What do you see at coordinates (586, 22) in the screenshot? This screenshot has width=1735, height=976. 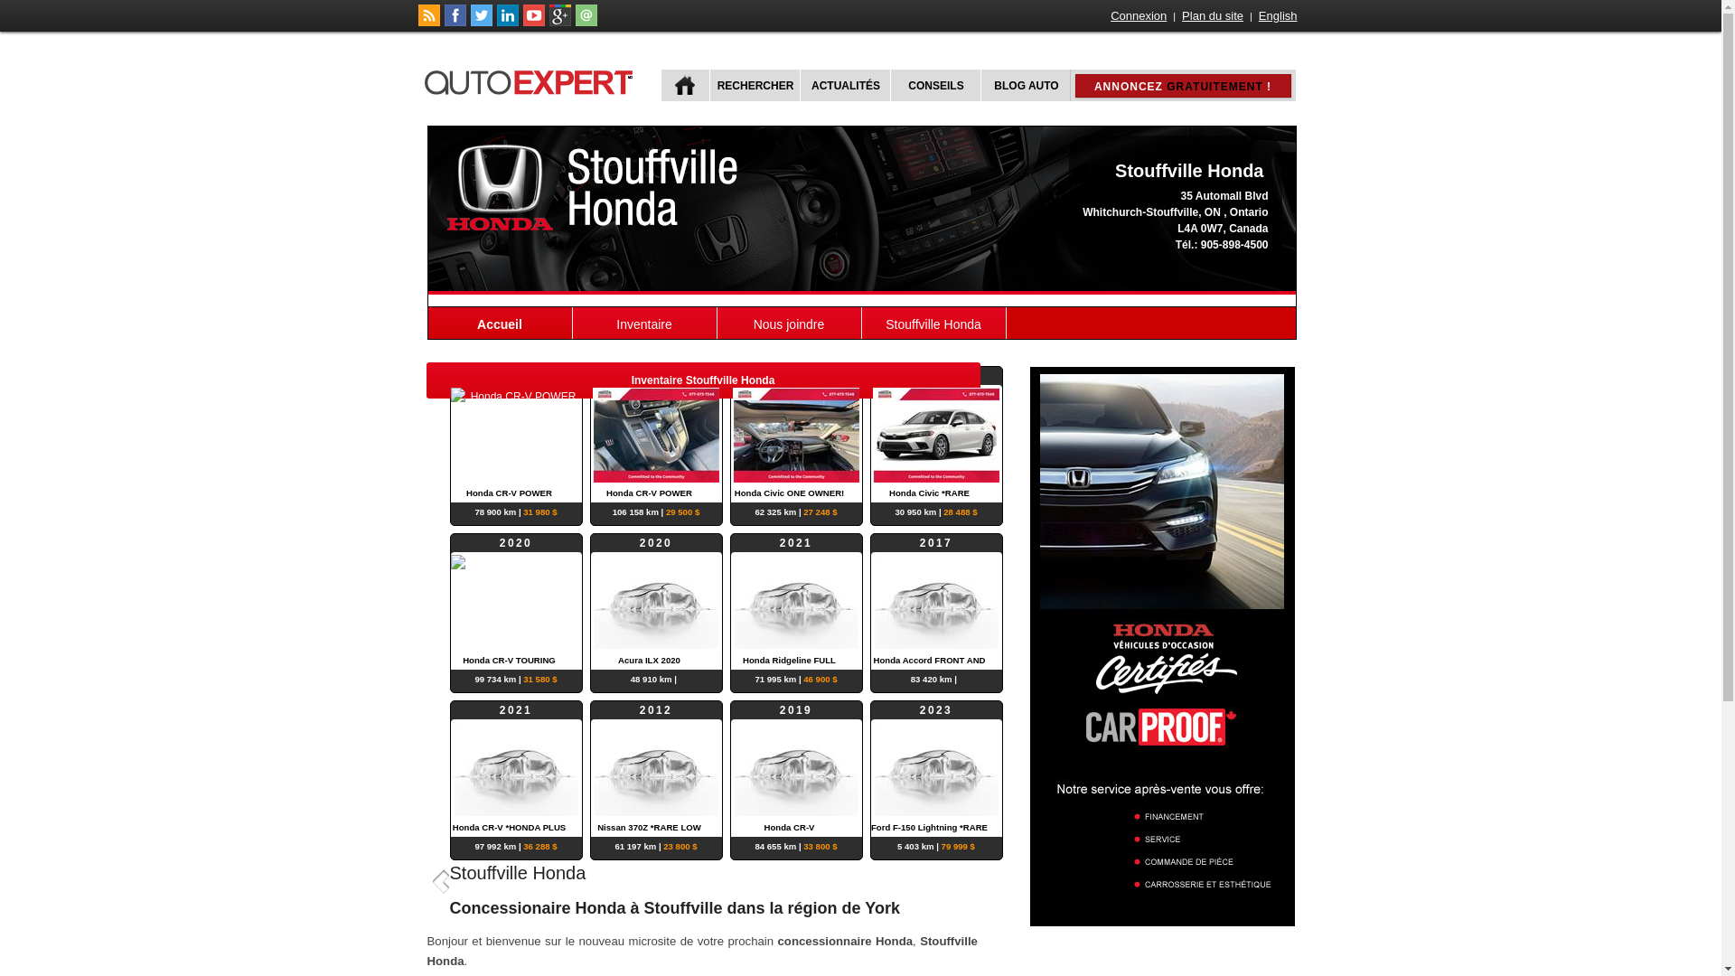 I see `'Joindre autoExpert.ca'` at bounding box center [586, 22].